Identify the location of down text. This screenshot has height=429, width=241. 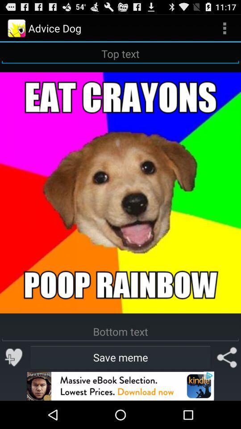
(120, 331).